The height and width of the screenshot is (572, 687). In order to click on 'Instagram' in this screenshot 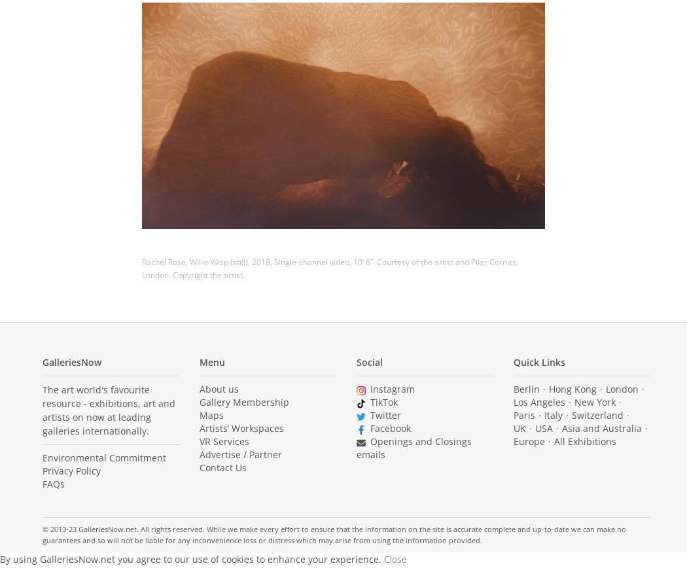, I will do `click(391, 388)`.